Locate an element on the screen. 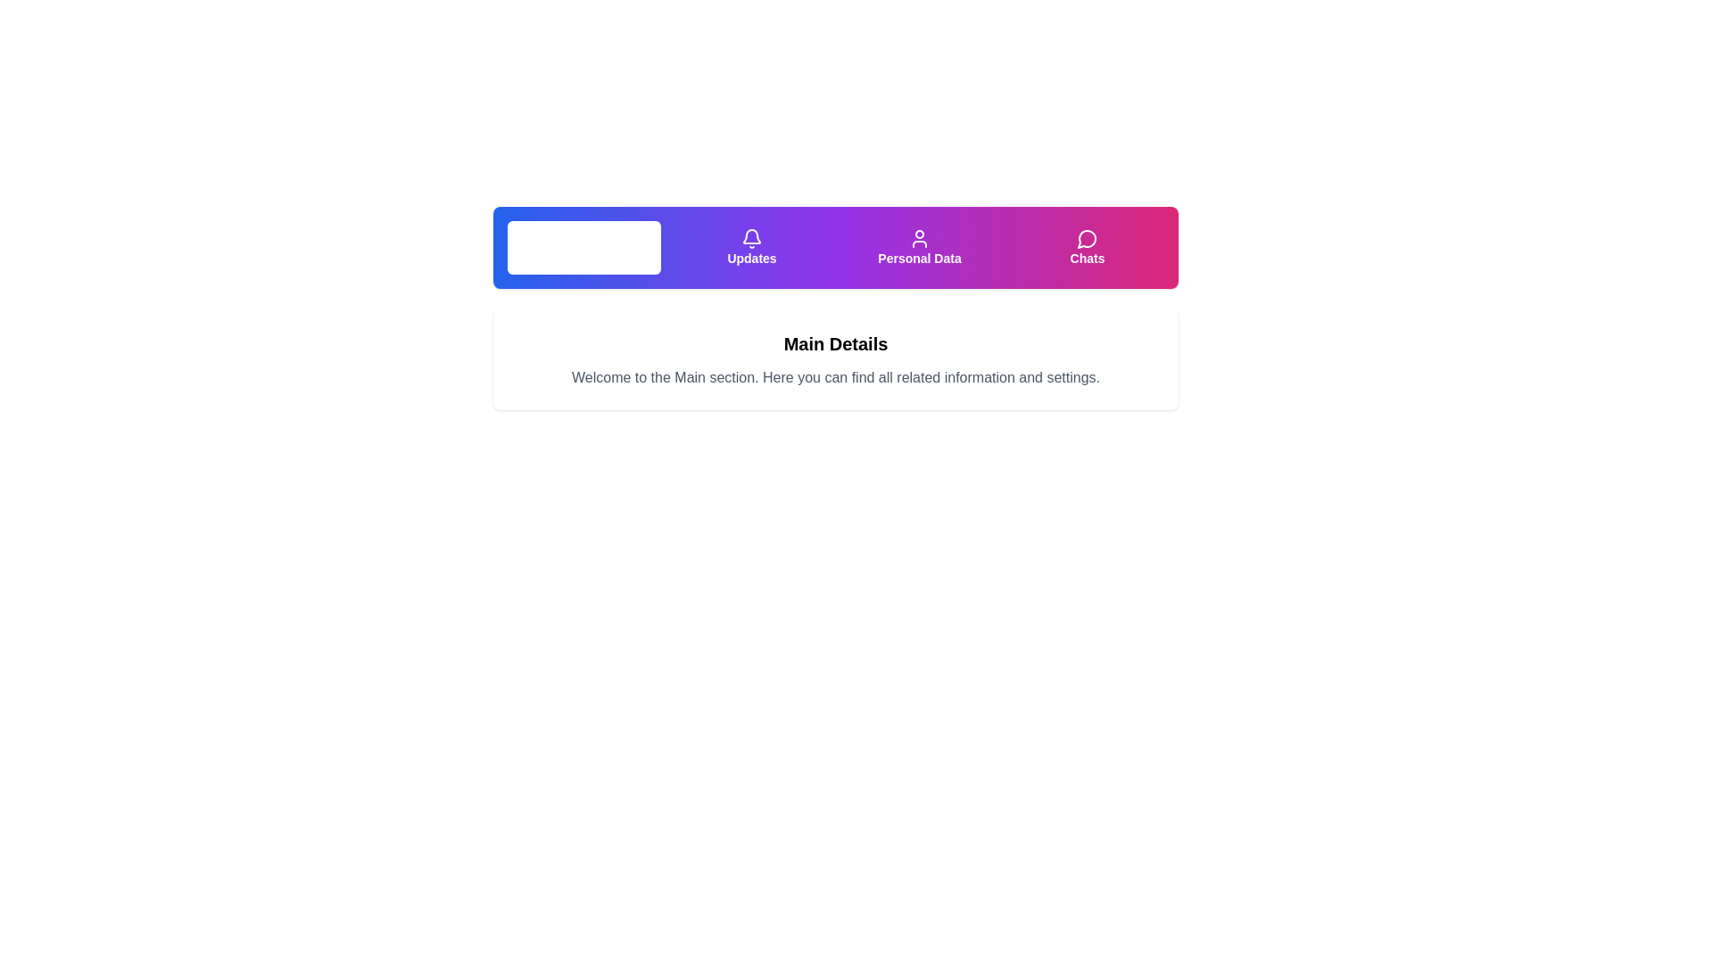 This screenshot has height=963, width=1713. the notification bell icon located in the top navigation bar under the 'Updates' label is located at coordinates (752, 235).